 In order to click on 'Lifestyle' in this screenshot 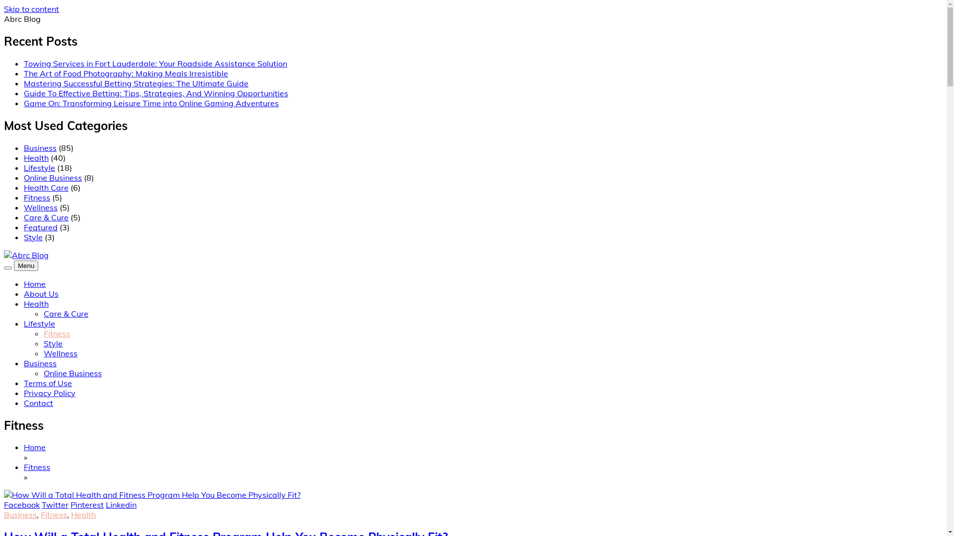, I will do `click(39, 167)`.